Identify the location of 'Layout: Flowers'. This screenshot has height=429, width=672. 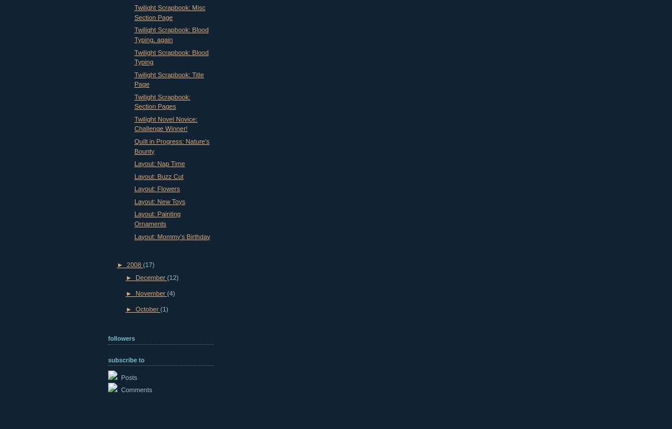
(156, 189).